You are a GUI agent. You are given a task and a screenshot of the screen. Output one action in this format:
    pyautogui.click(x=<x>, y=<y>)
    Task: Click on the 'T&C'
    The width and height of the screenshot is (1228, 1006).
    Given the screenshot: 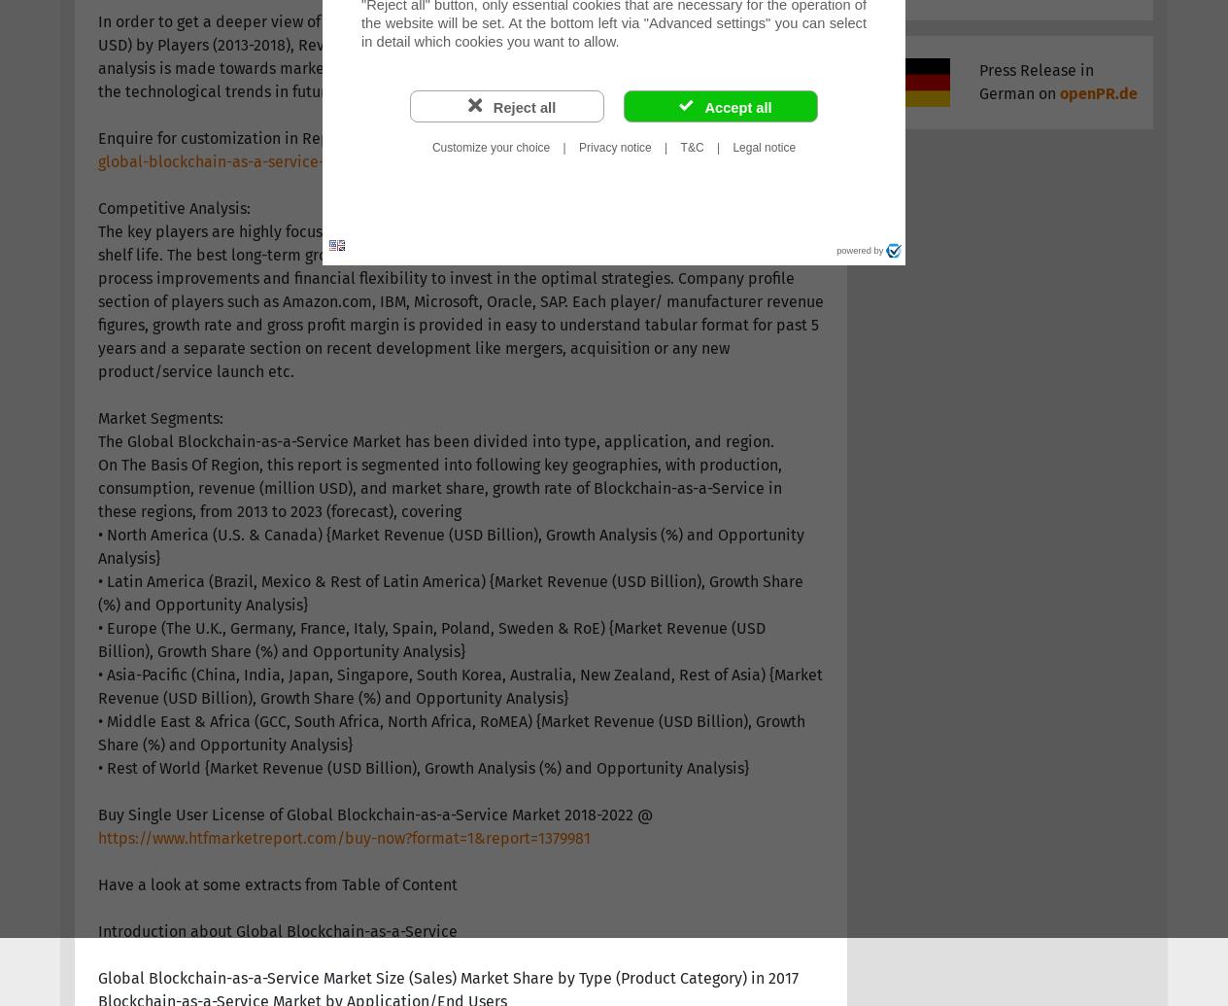 What is the action you would take?
    pyautogui.click(x=691, y=148)
    